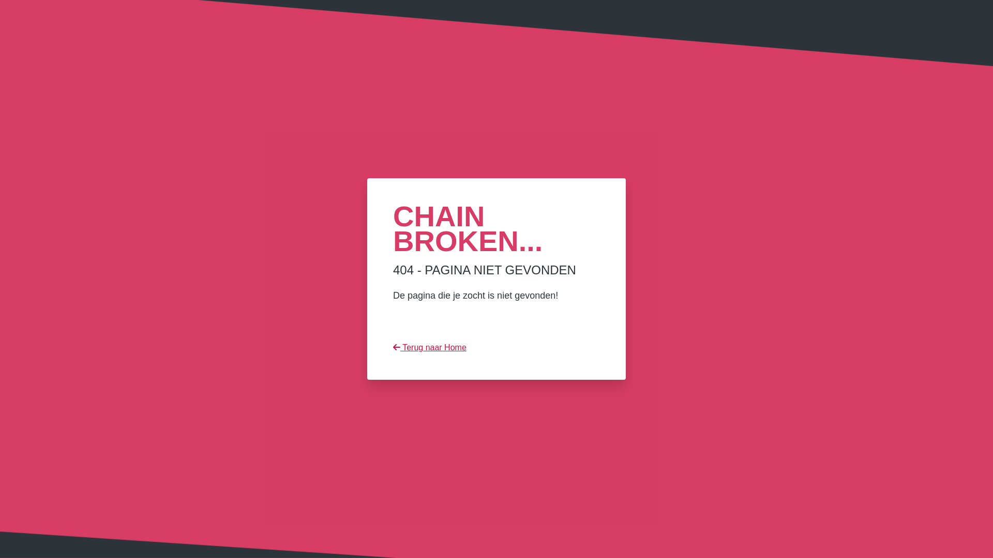  What do you see at coordinates (429, 347) in the screenshot?
I see `'Terug naar Home'` at bounding box center [429, 347].